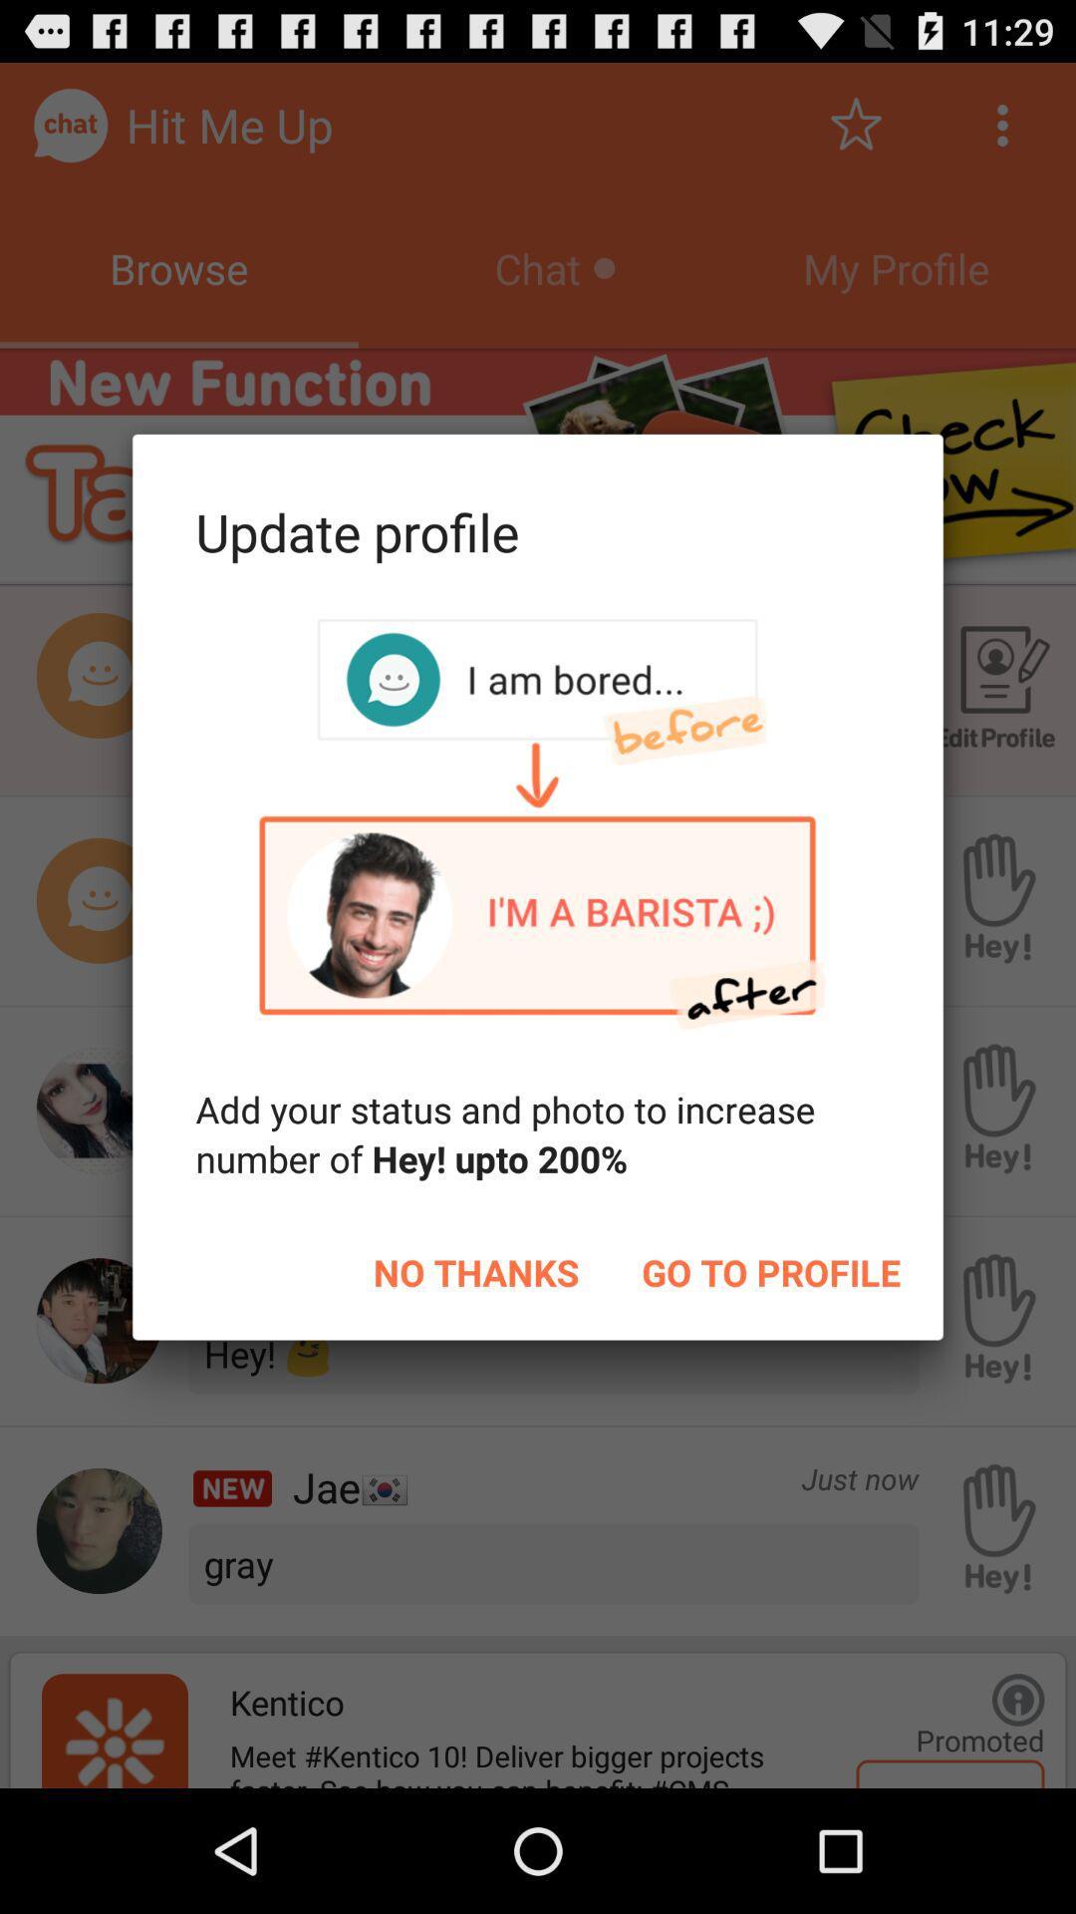 The width and height of the screenshot is (1076, 1914). What do you see at coordinates (476, 1271) in the screenshot?
I see `the app below number of` at bounding box center [476, 1271].